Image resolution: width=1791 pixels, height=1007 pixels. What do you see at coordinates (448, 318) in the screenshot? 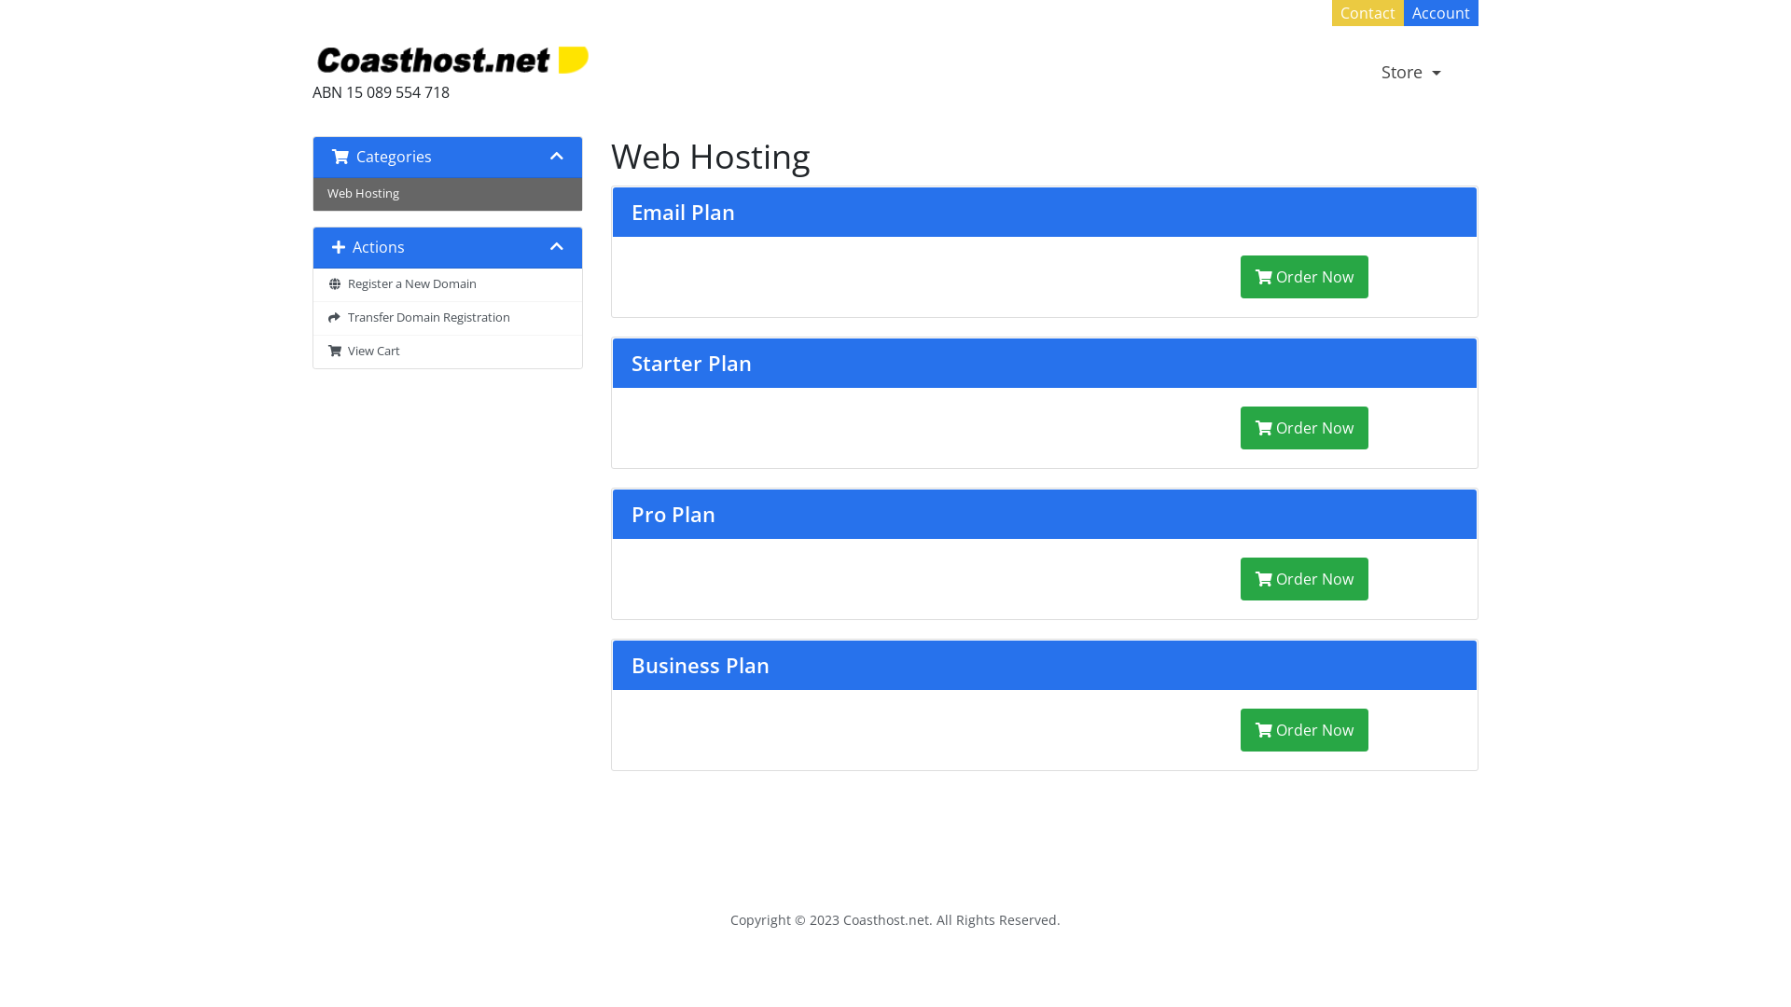
I see `'  Transfer Domain Registration'` at bounding box center [448, 318].